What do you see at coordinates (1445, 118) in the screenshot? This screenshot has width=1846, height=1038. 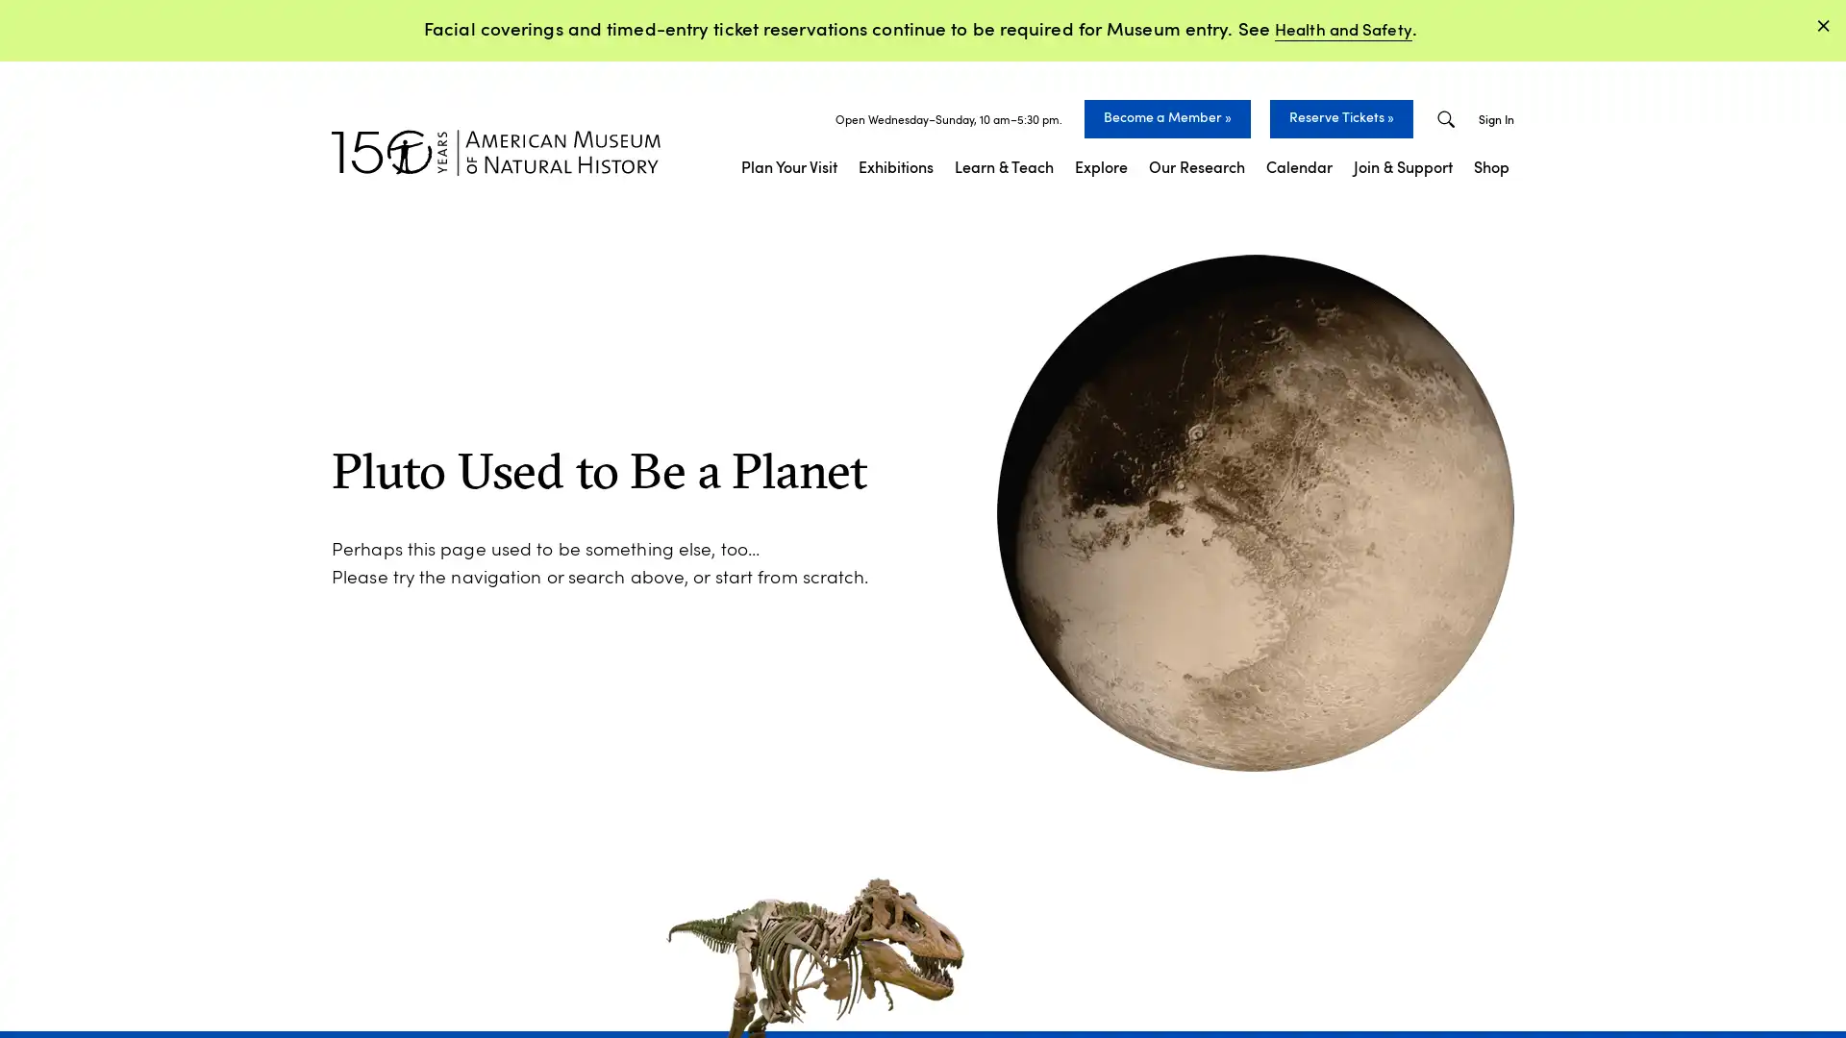 I see `Open Search Modal` at bounding box center [1445, 118].